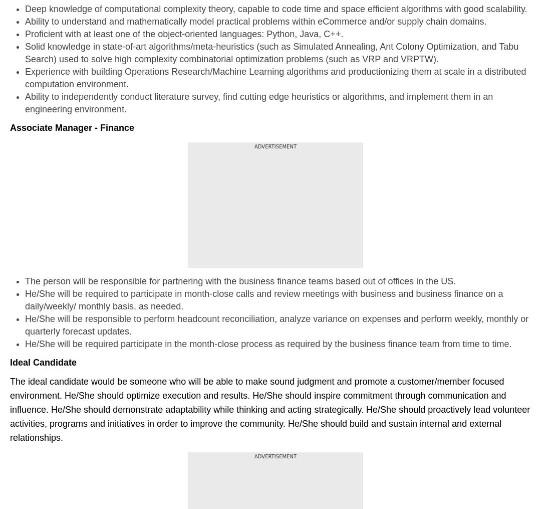 This screenshot has height=509, width=551. I want to click on 'He/She will be required to participate in month-close calls and review meetings with business and business finance on a daily/weekly/ monthly basis, as needed.', so click(264, 299).